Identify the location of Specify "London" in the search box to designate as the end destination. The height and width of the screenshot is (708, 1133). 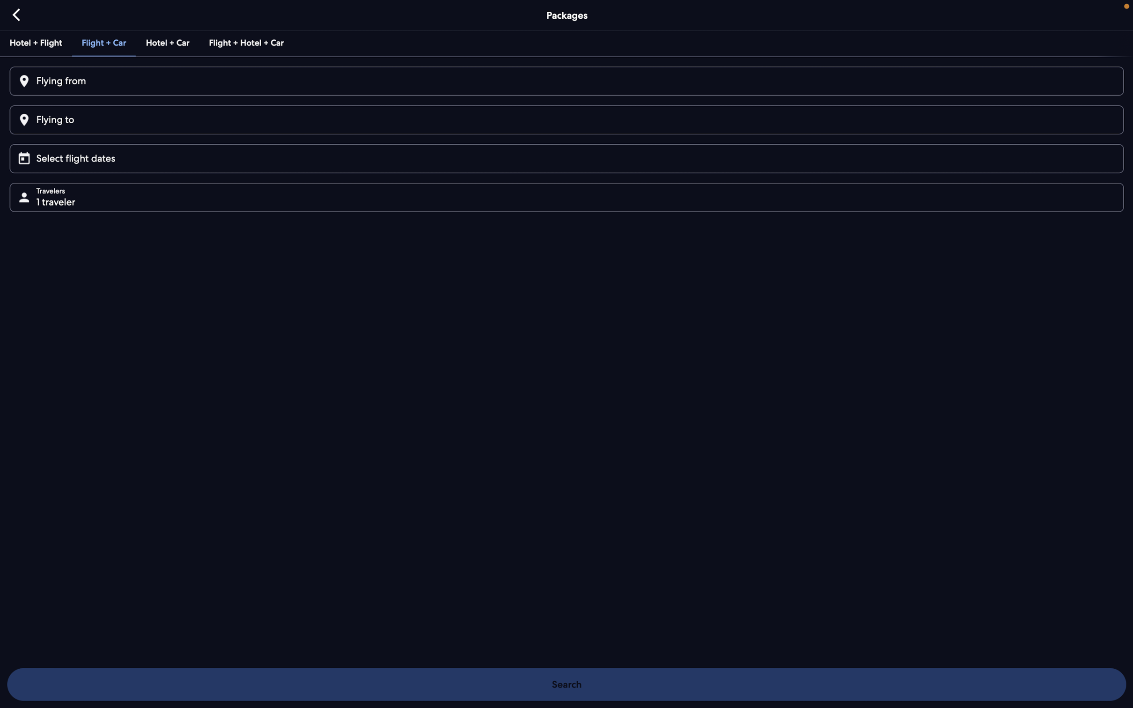
(565, 119).